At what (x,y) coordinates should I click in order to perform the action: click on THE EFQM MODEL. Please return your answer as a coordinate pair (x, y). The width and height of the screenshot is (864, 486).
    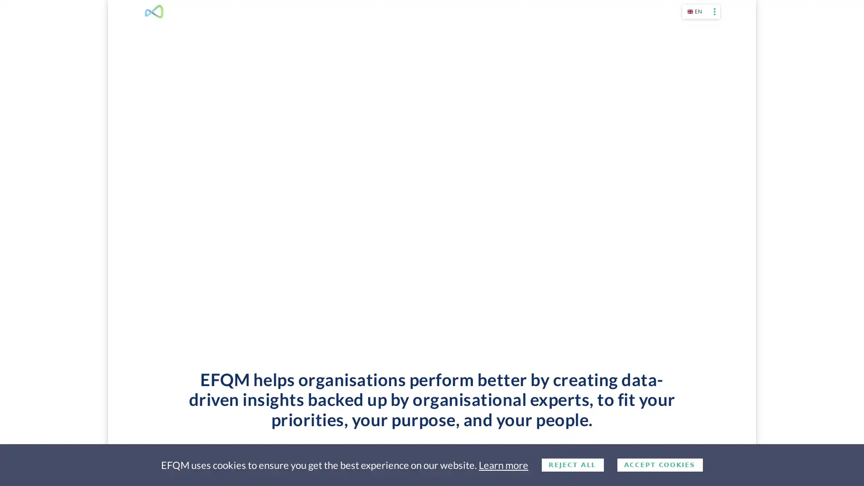
    Looking at the image, I should click on (447, 32).